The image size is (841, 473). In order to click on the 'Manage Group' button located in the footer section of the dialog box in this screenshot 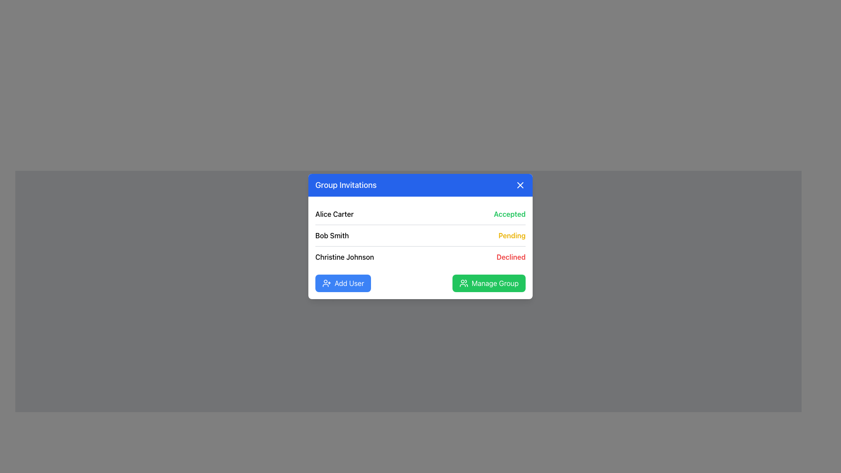, I will do `click(488, 283)`.